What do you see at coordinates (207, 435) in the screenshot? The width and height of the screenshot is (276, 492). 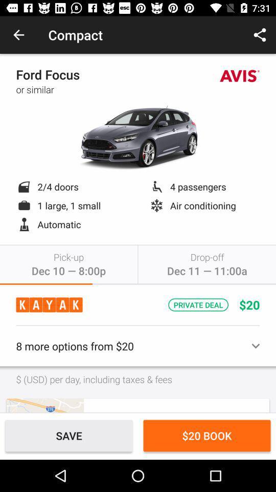 I see `item at the bottom right corner` at bounding box center [207, 435].